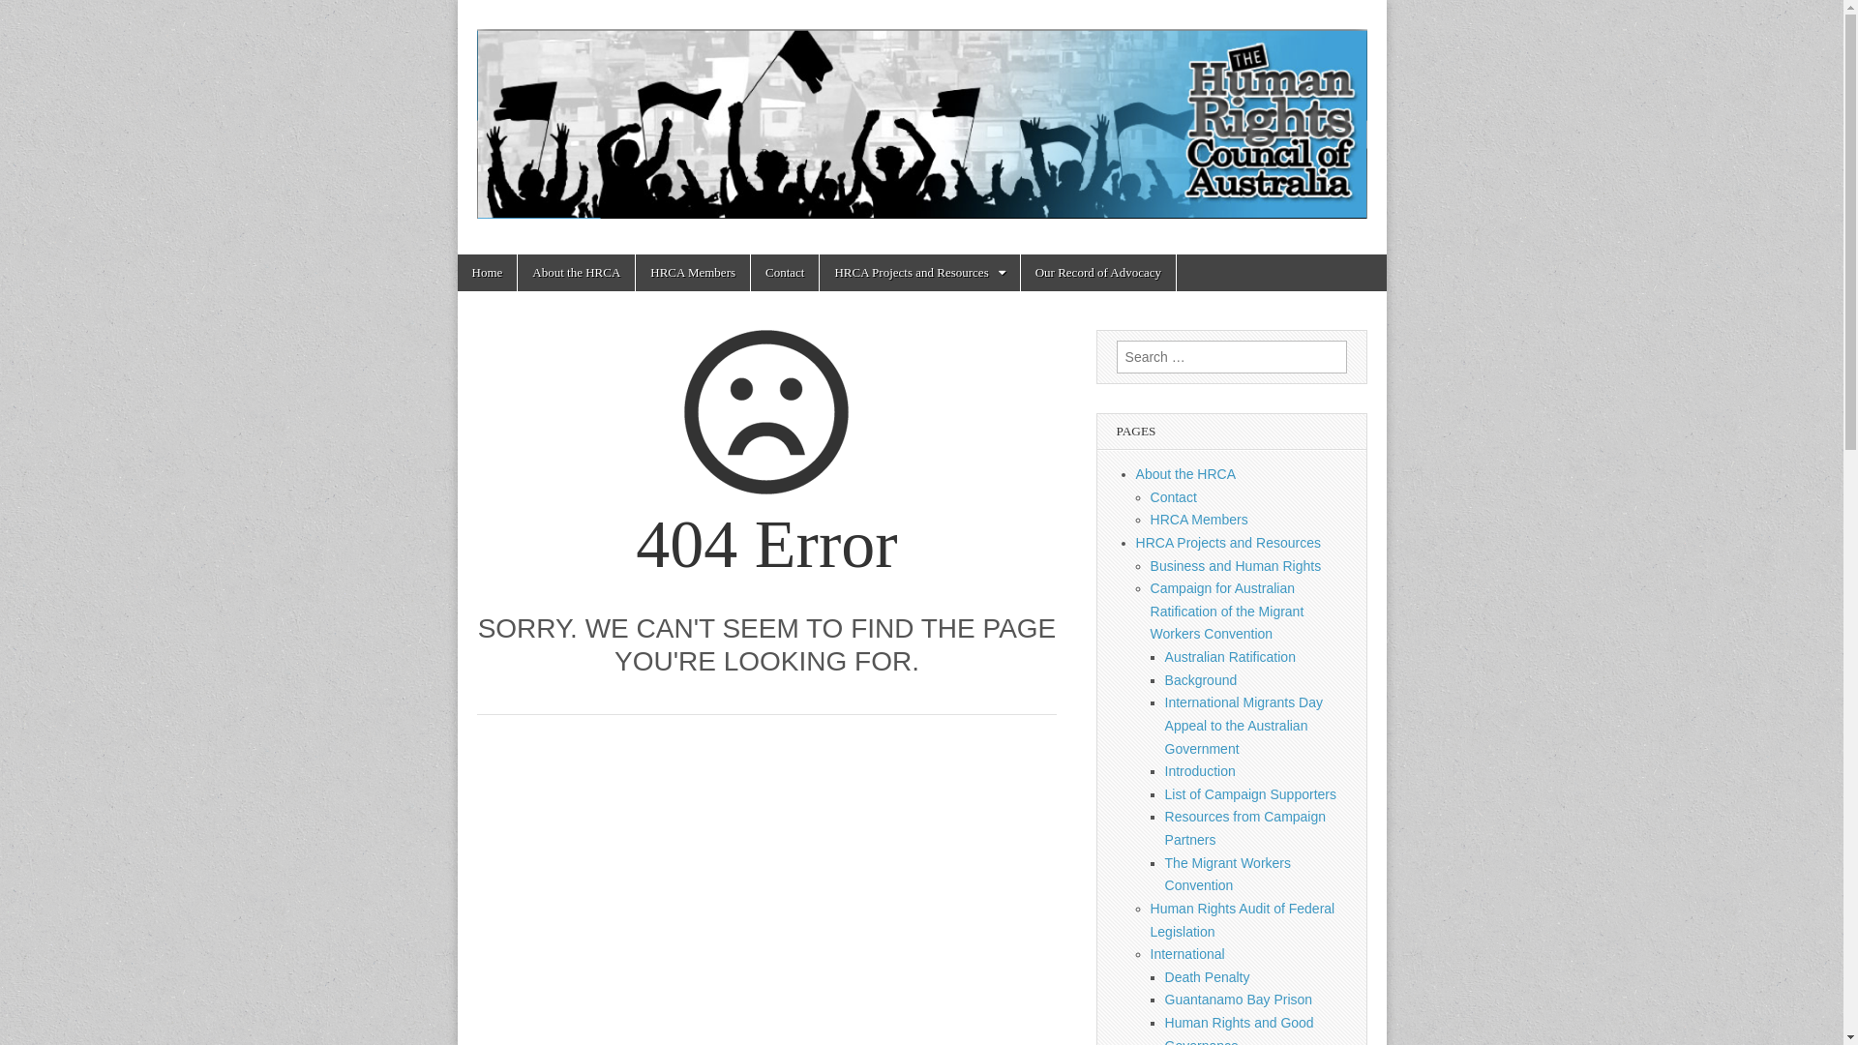  I want to click on 'International', so click(1186, 953).